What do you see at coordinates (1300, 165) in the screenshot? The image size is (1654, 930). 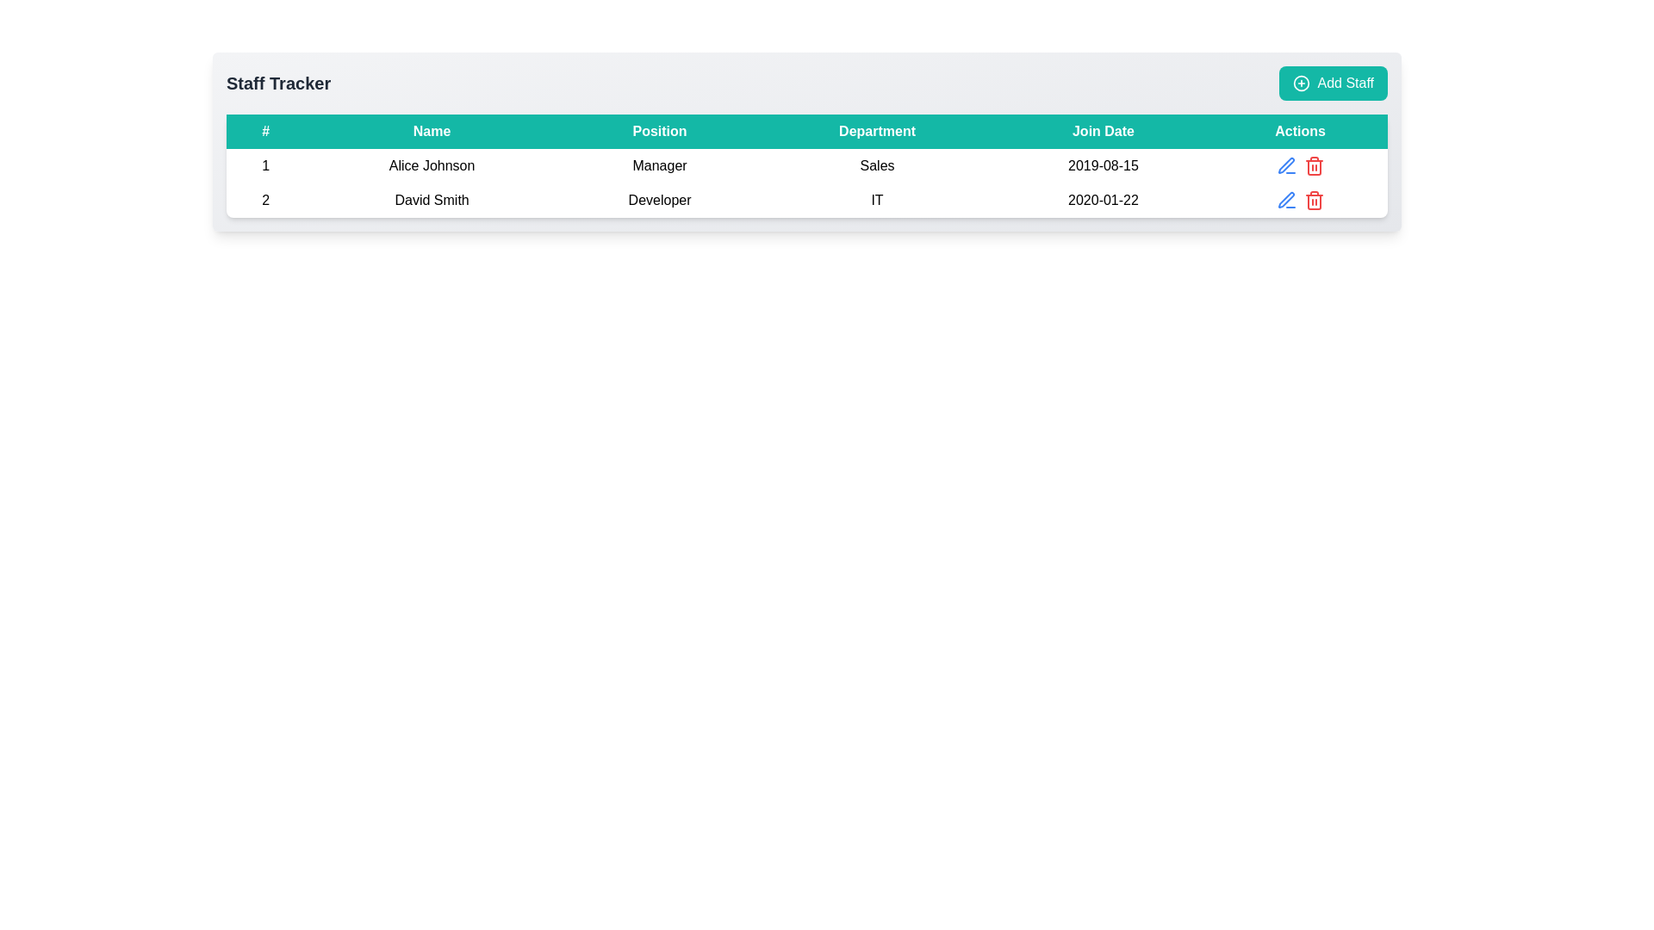 I see `the trashcan icon located in the Actions column of the first row of the table` at bounding box center [1300, 165].